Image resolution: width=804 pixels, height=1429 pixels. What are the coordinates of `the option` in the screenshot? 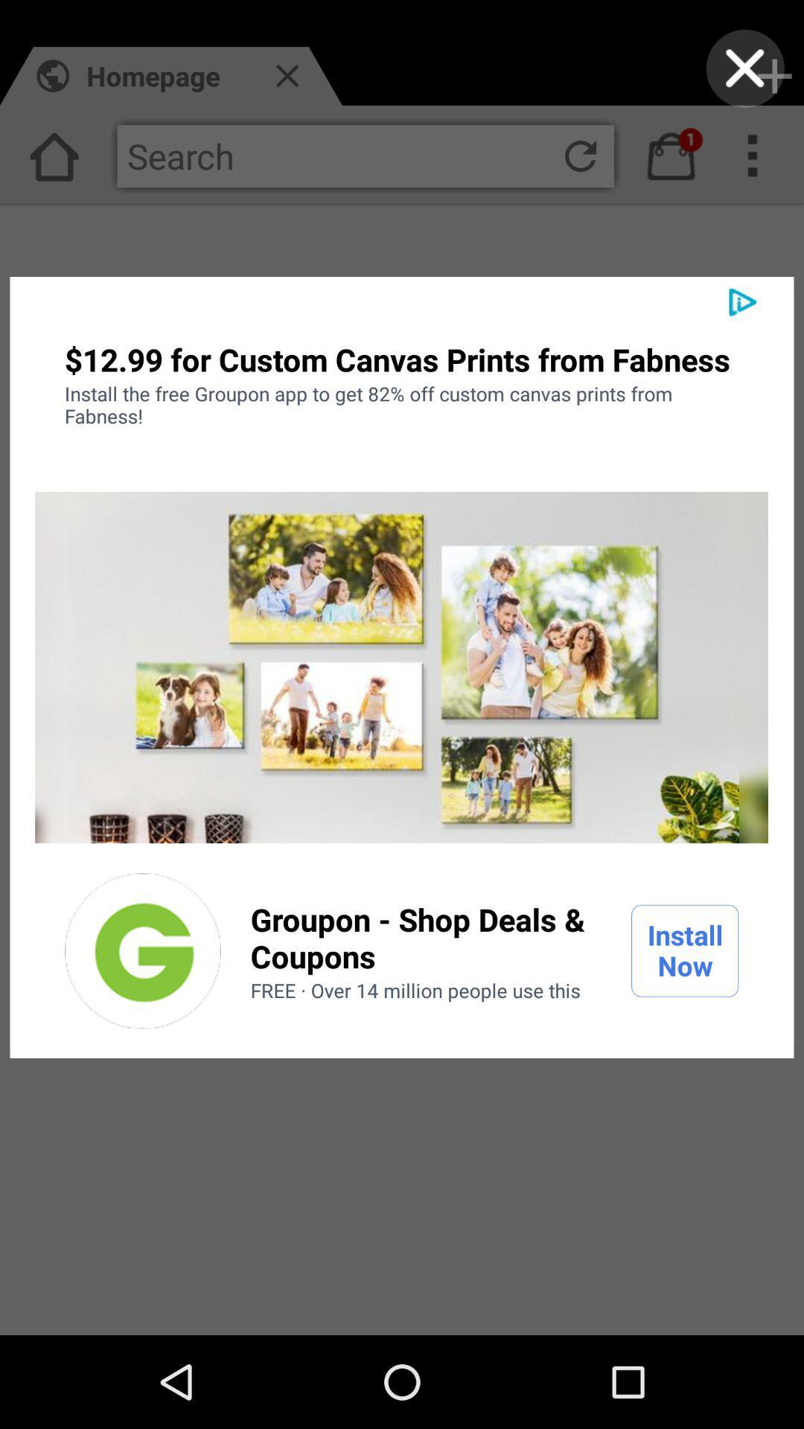 It's located at (143, 950).